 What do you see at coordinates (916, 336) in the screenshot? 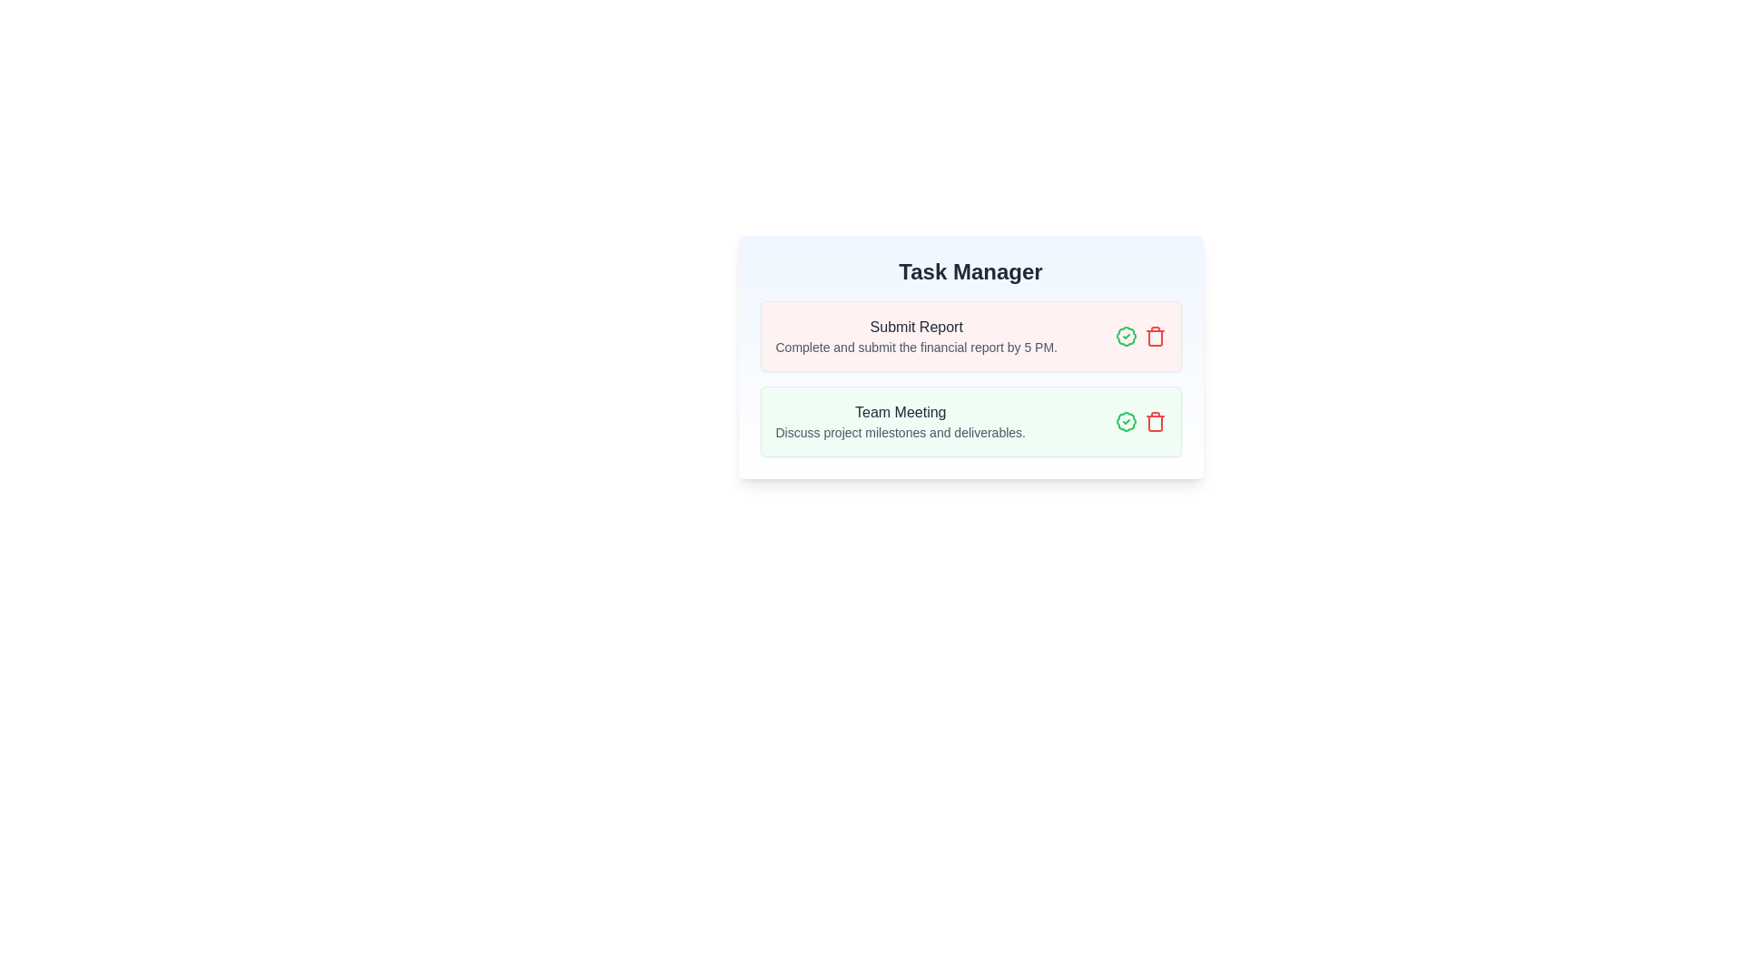
I see `text block containing the header 'Submit Report' and the description 'Complete and submit the financial report by 5 PM.' located in the upper card of the task list interface` at bounding box center [916, 336].